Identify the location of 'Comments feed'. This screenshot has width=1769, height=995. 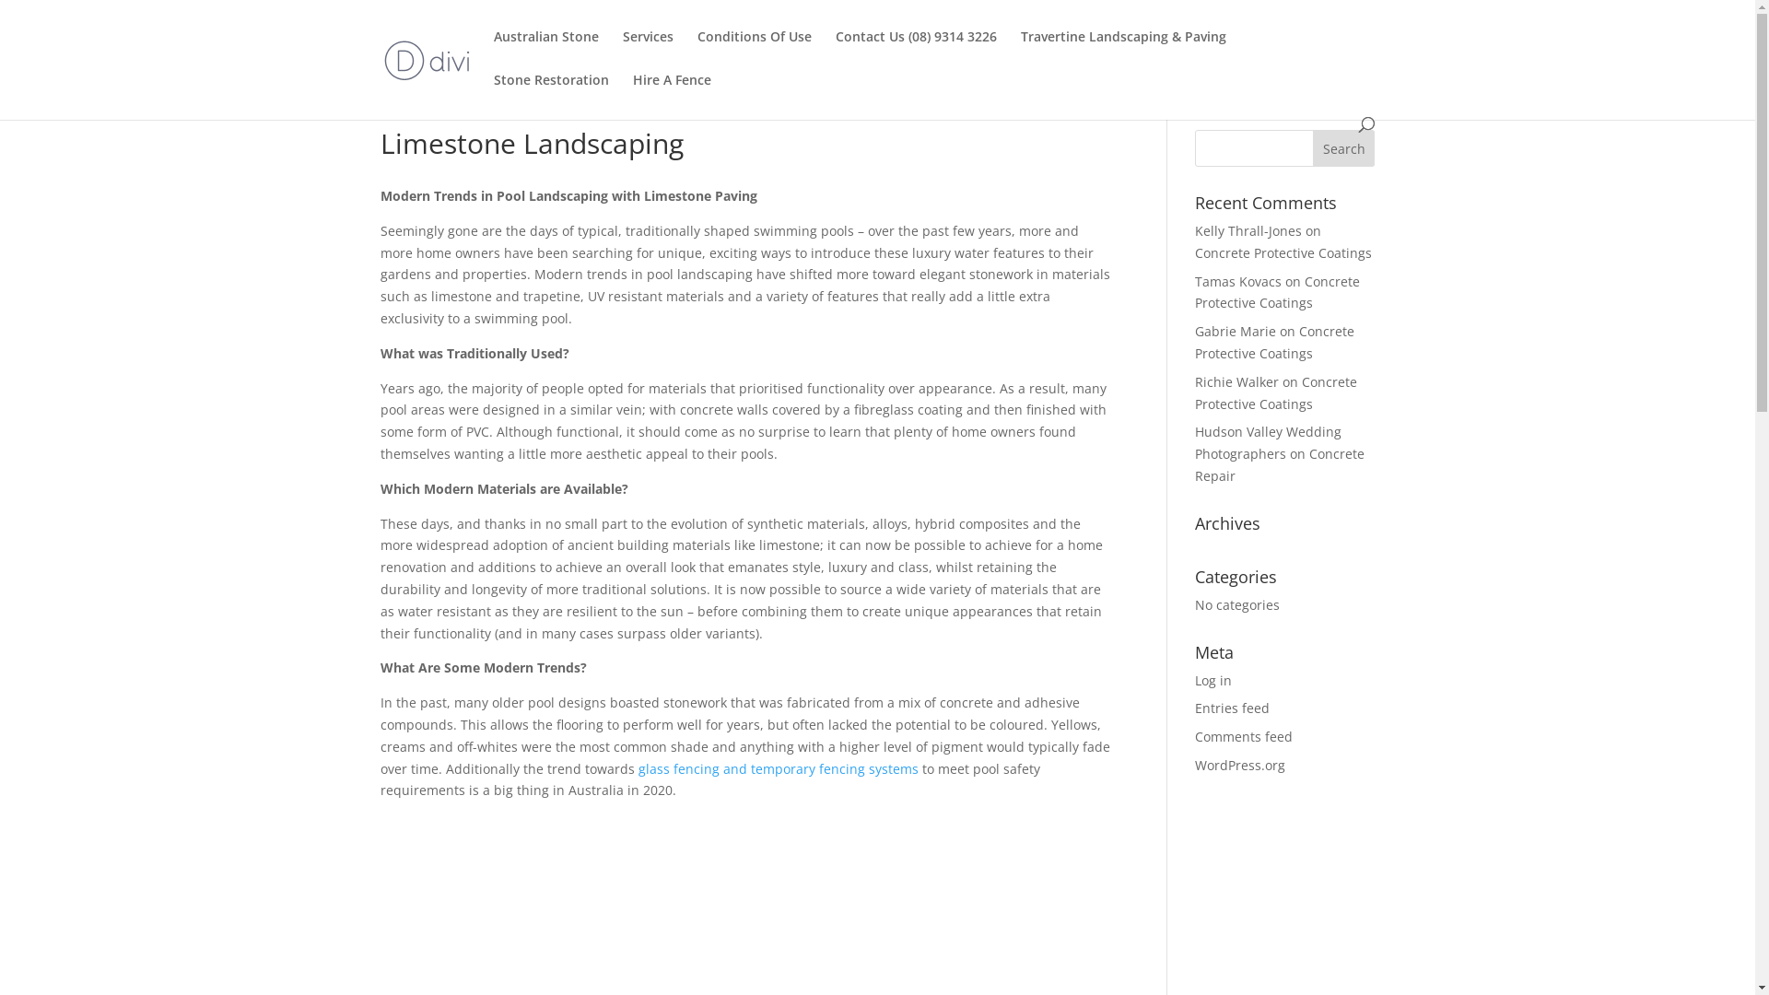
(1243, 735).